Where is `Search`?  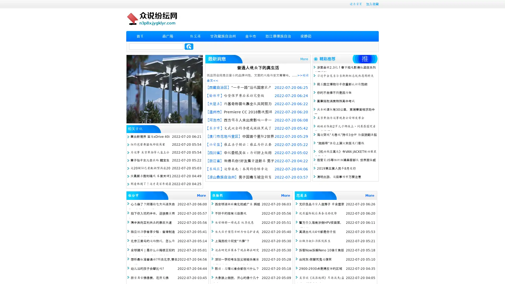 Search is located at coordinates (189, 46).